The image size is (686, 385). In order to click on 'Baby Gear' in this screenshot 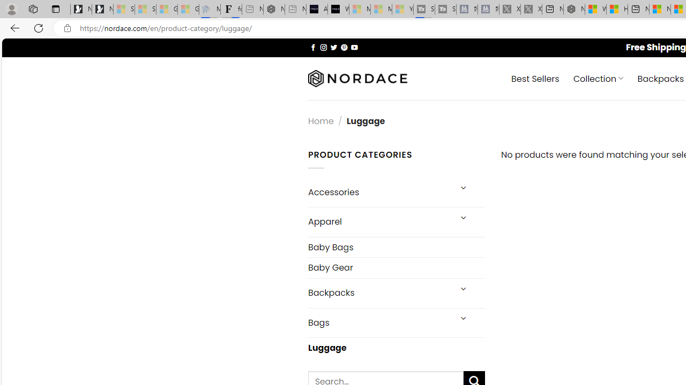, I will do `click(396, 267)`.